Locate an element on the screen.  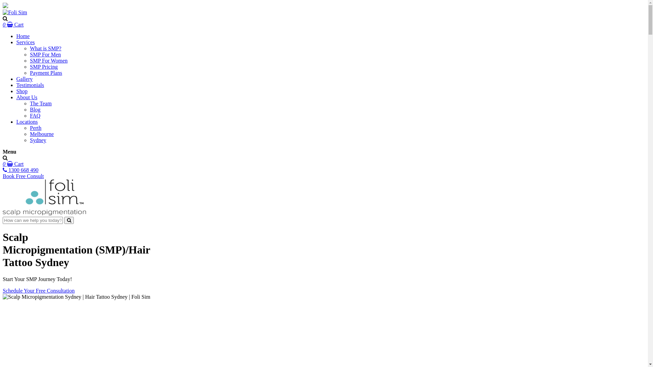
'Schedule Your Free Consultation' is located at coordinates (38, 291).